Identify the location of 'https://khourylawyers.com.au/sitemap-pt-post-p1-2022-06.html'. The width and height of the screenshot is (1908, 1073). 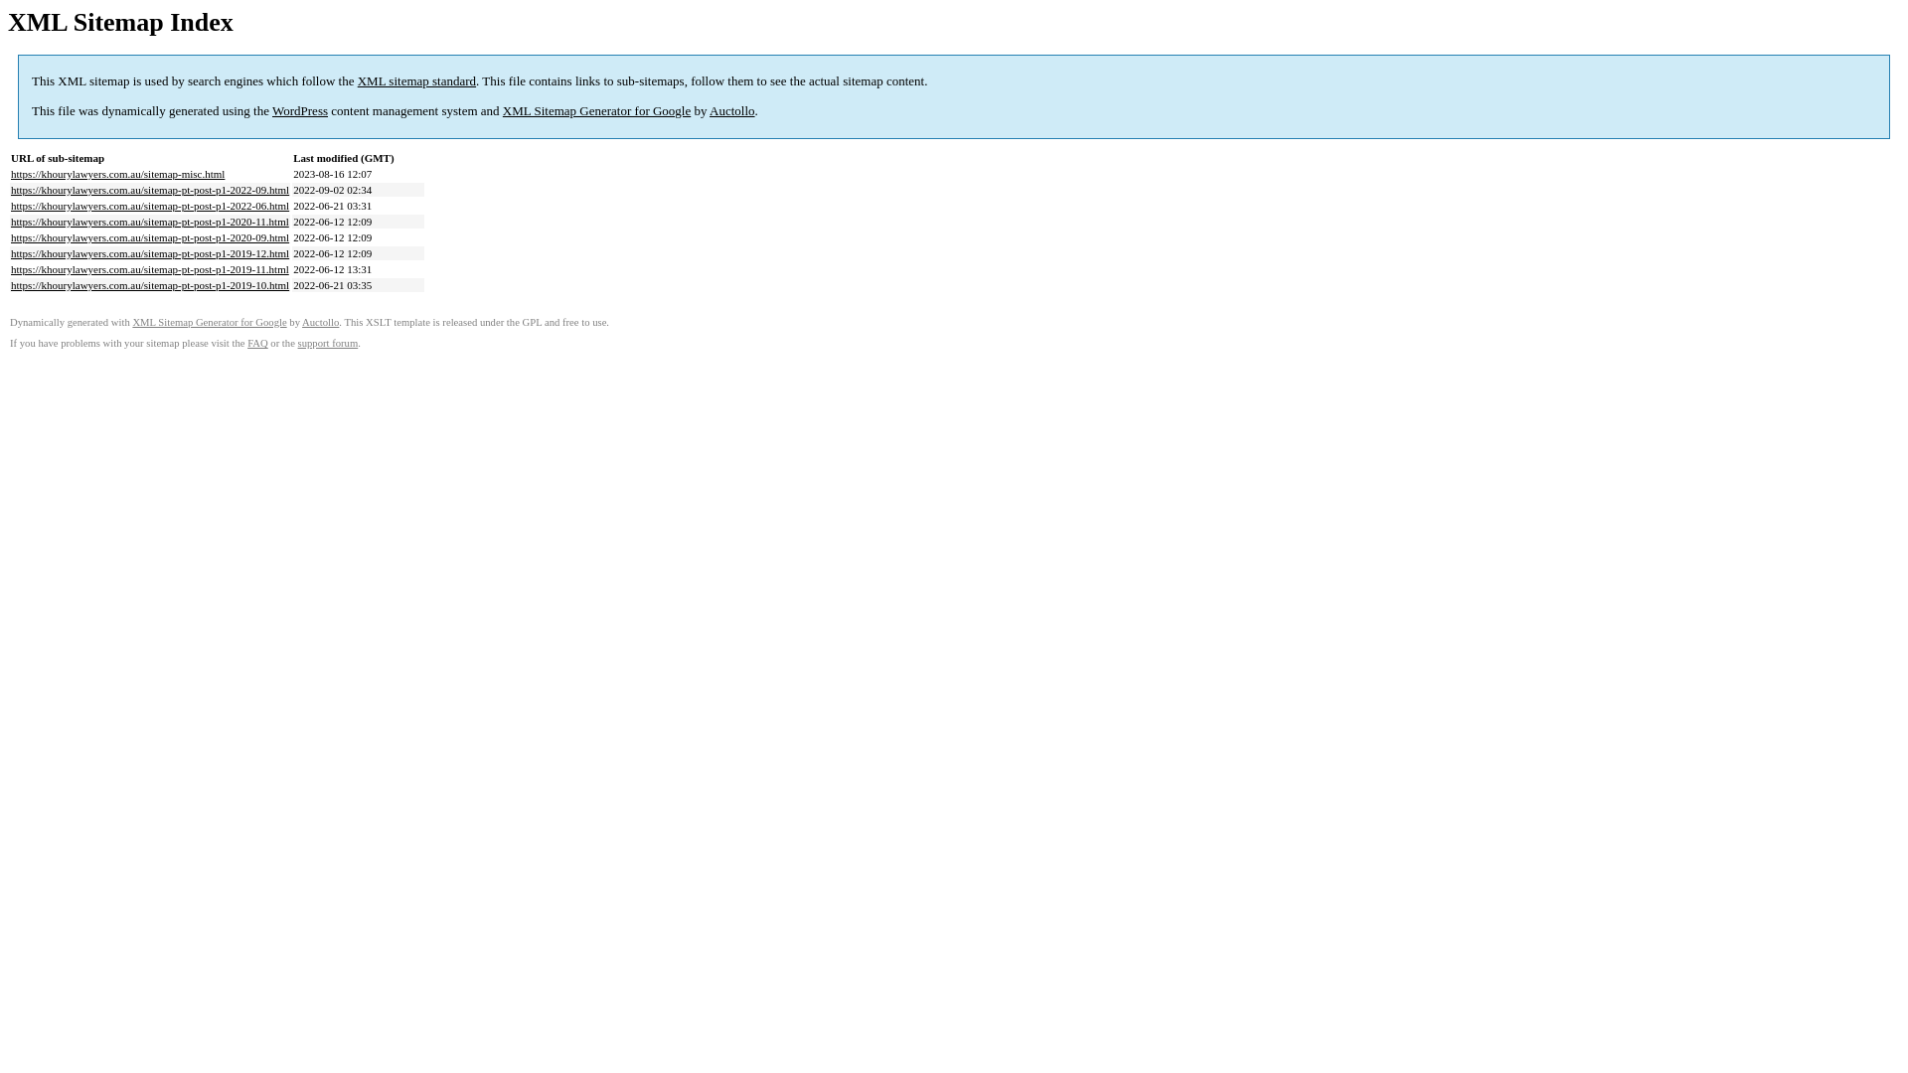
(148, 206).